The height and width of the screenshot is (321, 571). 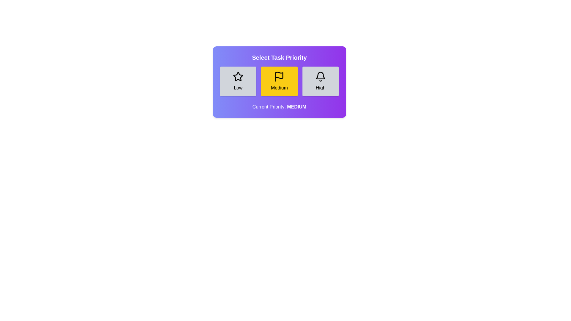 I want to click on the current priority text displayed on the screen, so click(x=279, y=106).